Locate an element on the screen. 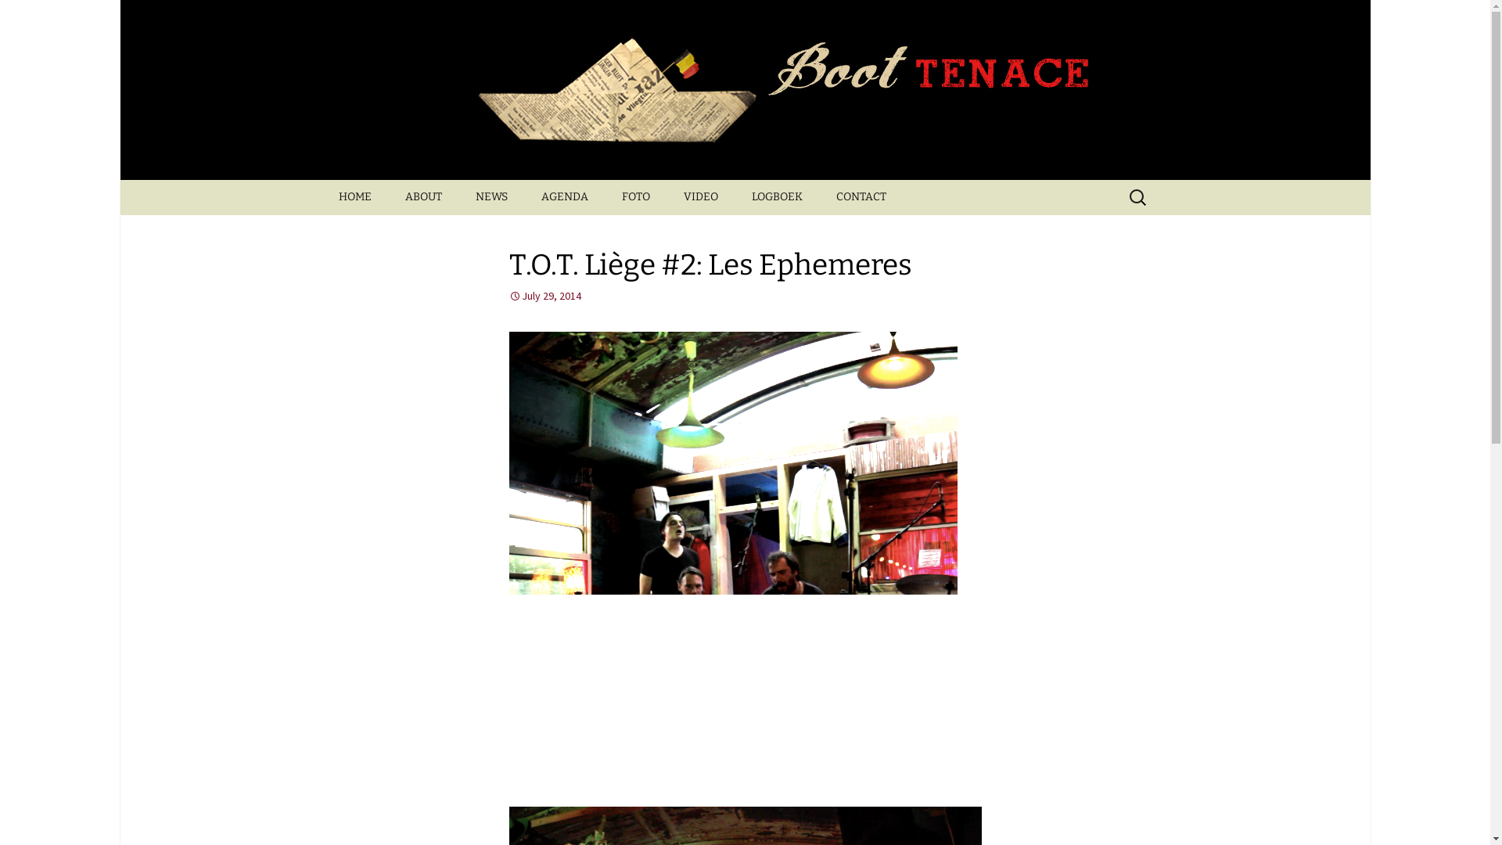 The height and width of the screenshot is (845, 1502). 'CONTACT' is located at coordinates (859, 196).